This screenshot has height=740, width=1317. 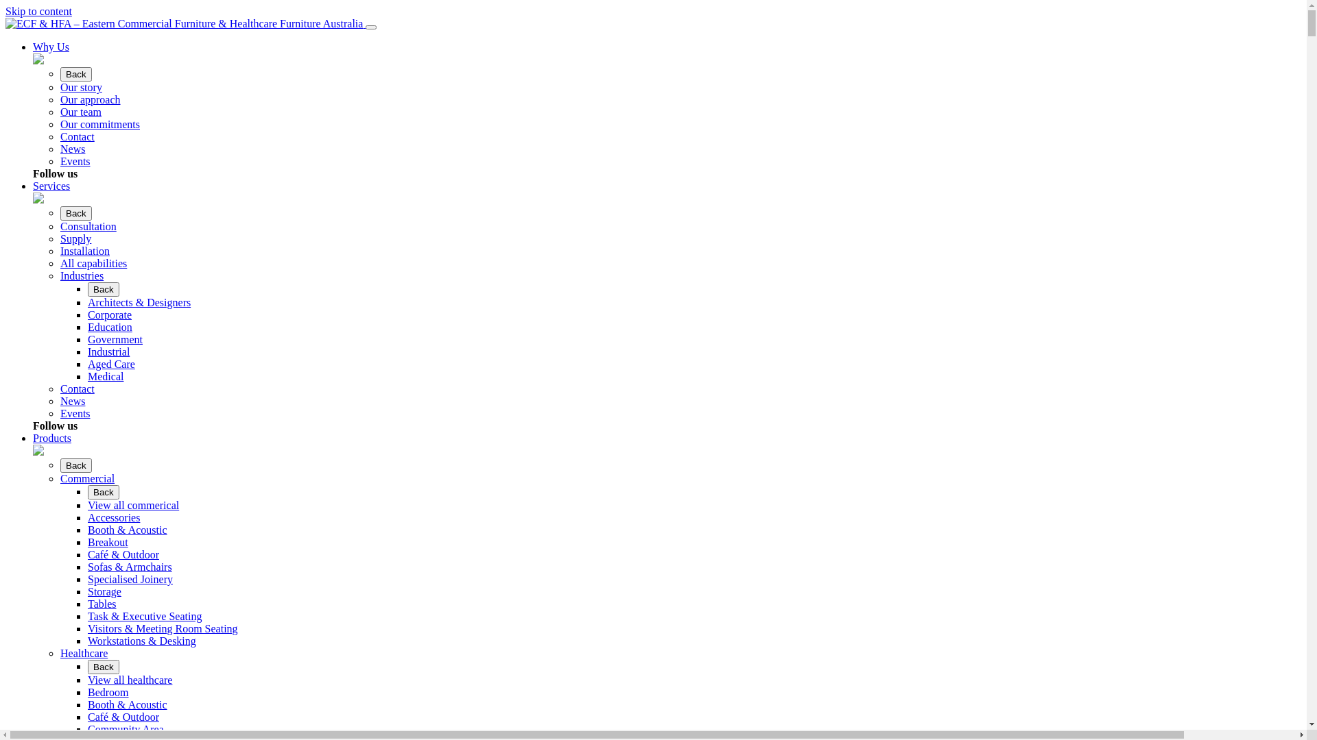 I want to click on 'Specialised Joinery', so click(x=130, y=579).